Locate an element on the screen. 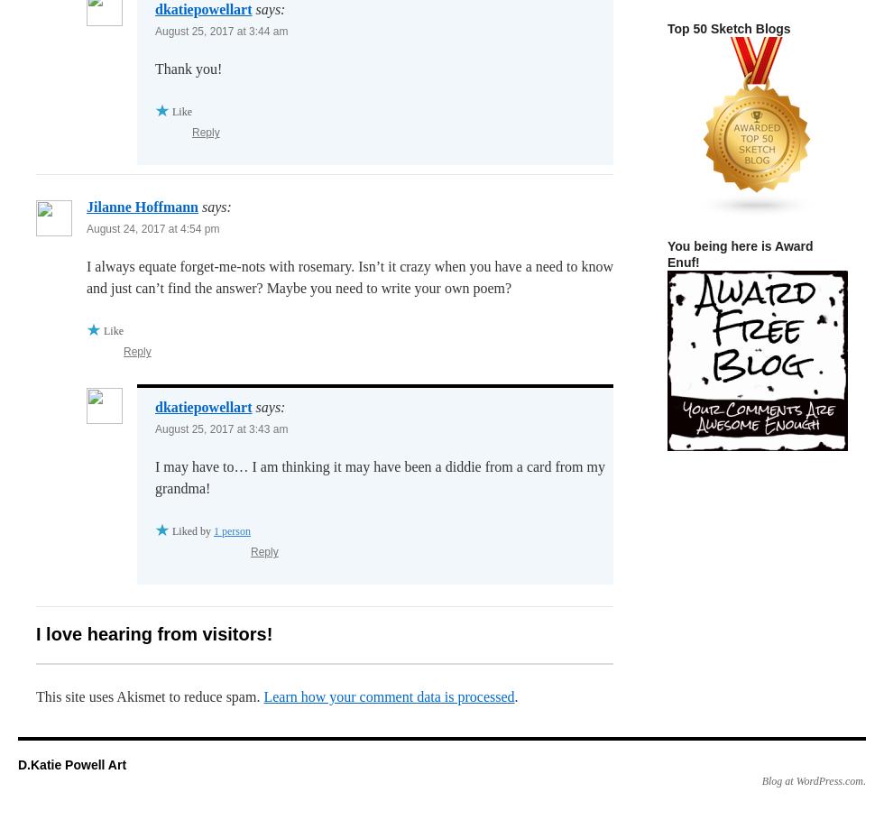  '.' is located at coordinates (516, 696).